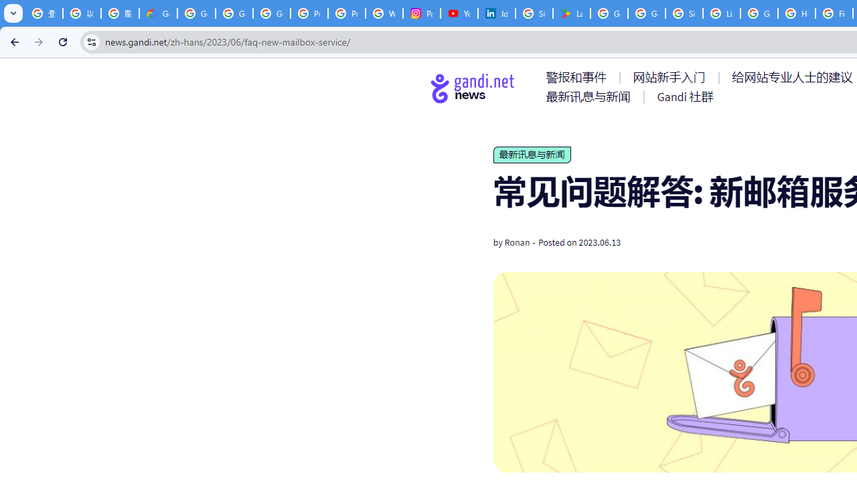  What do you see at coordinates (578, 77) in the screenshot?
I see `'AutomationID: menu-item-77761'` at bounding box center [578, 77].